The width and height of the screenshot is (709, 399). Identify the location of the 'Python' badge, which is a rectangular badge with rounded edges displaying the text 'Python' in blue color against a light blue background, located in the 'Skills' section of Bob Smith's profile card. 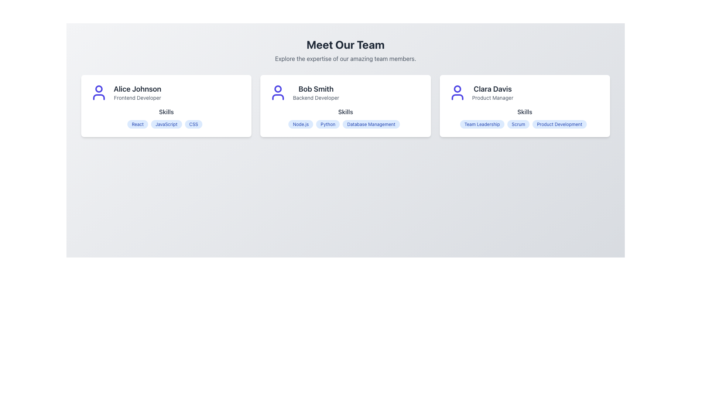
(328, 124).